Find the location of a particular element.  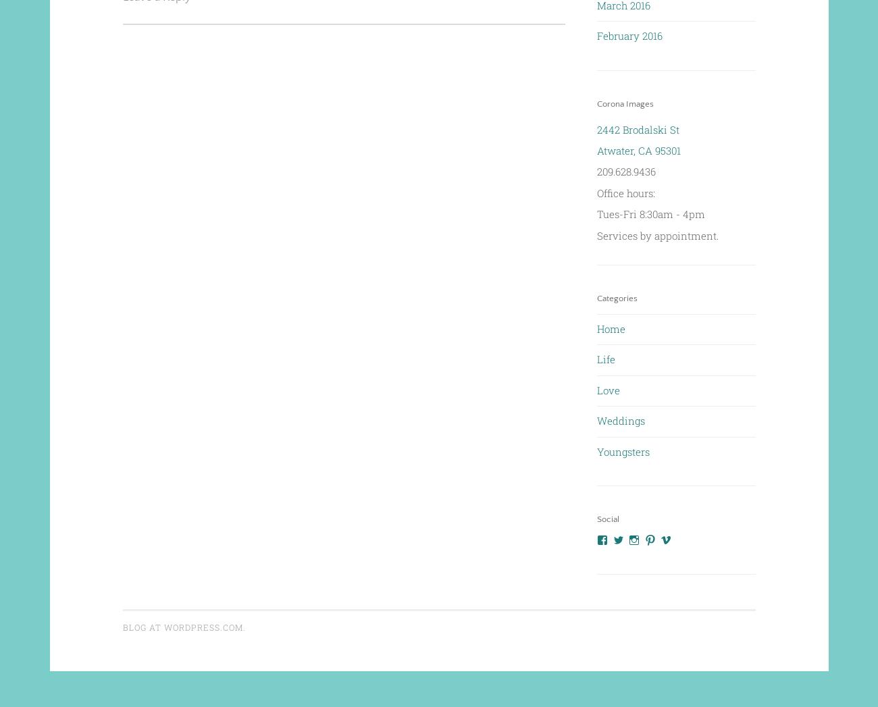

'Love' is located at coordinates (596, 389).